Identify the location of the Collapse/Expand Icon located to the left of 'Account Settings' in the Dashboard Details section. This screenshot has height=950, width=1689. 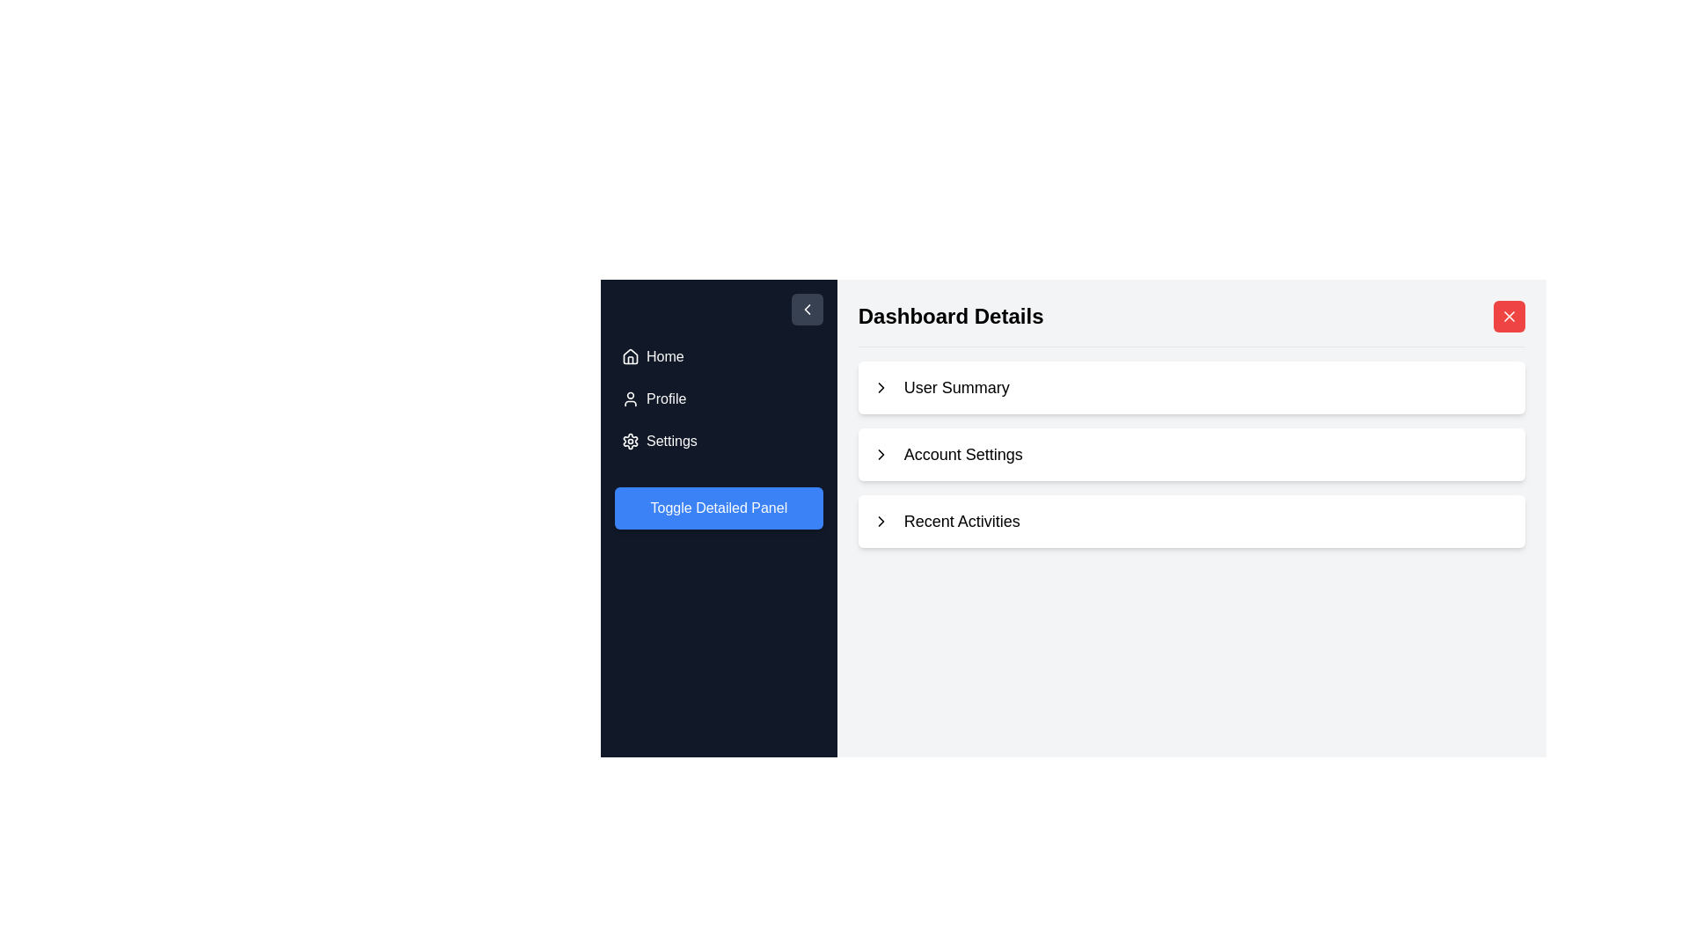
(881, 386).